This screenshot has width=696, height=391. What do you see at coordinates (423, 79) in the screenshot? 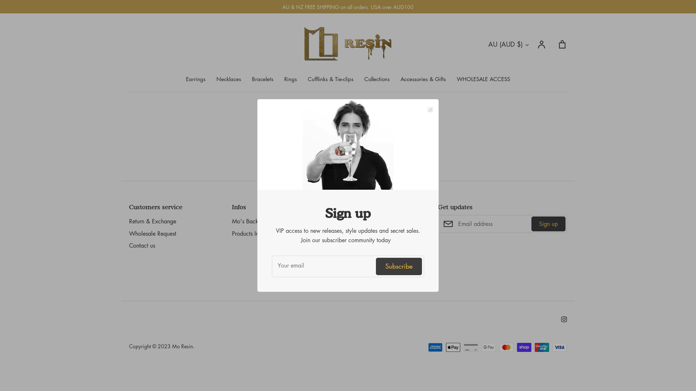
I see `'Accessories & Gifts'` at bounding box center [423, 79].